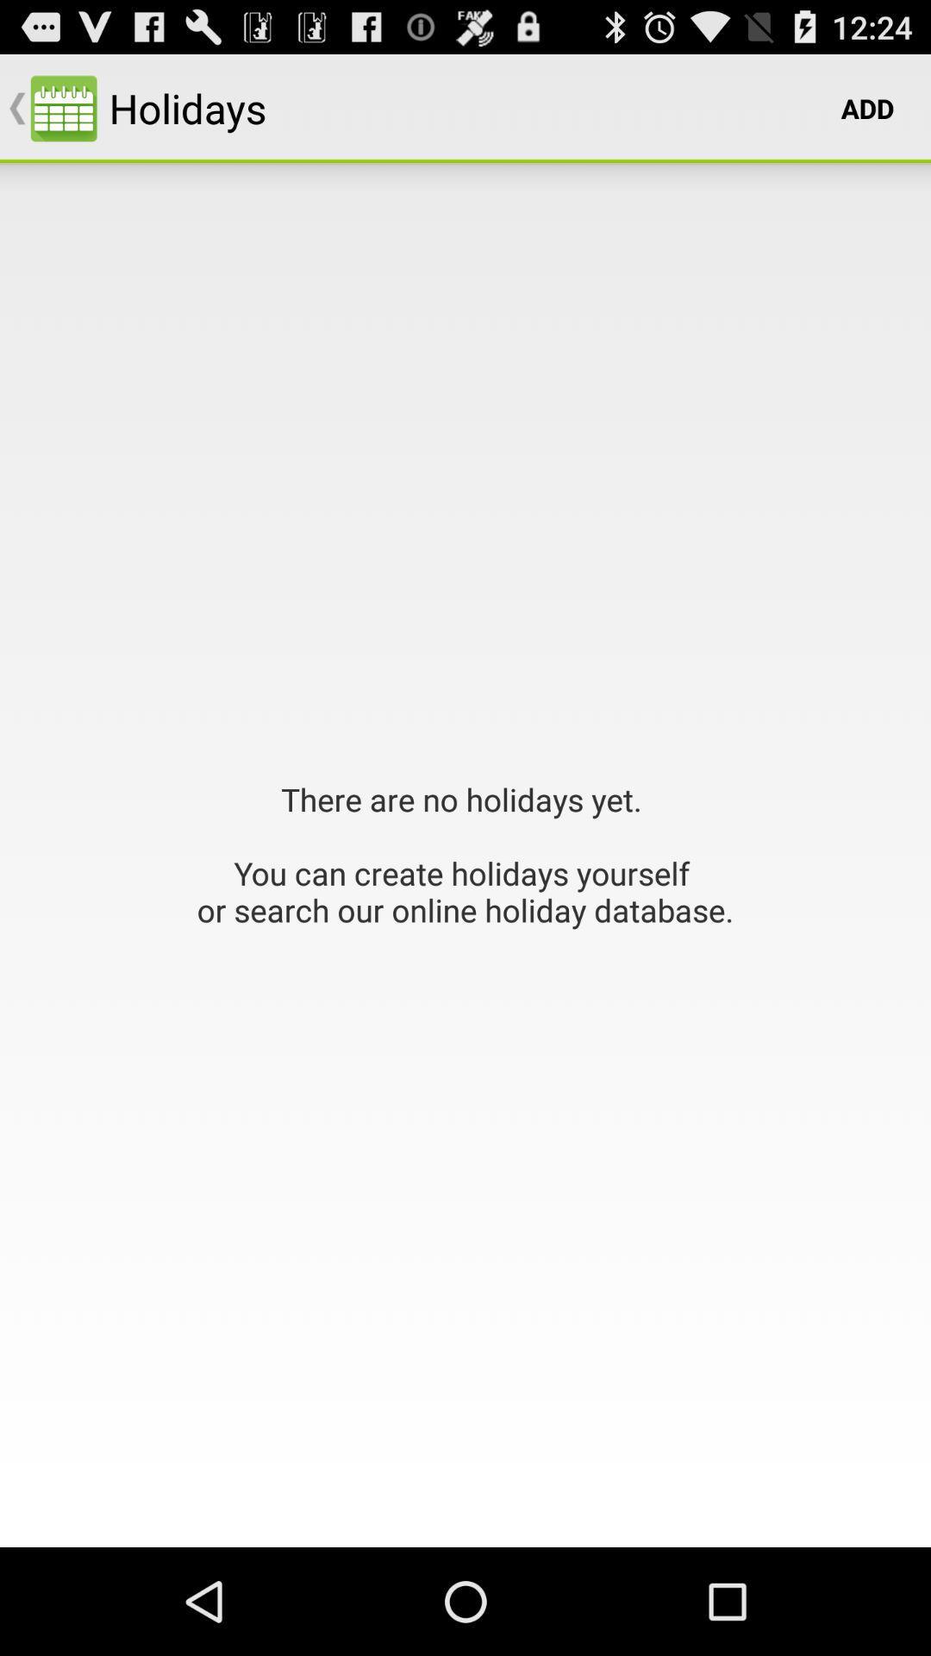  What do you see at coordinates (867, 107) in the screenshot?
I see `app next to holidays item` at bounding box center [867, 107].